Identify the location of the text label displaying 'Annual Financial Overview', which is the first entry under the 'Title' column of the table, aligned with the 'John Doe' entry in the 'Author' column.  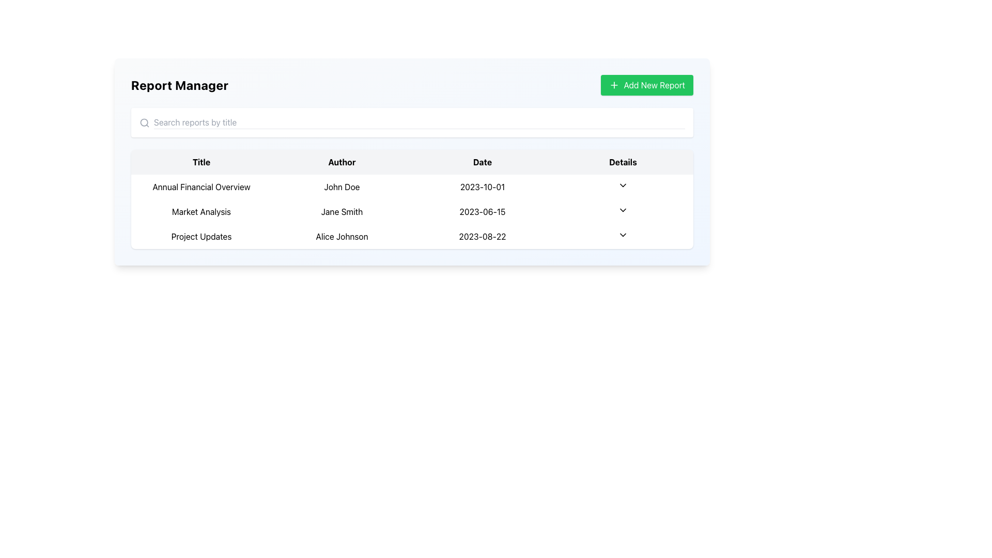
(201, 187).